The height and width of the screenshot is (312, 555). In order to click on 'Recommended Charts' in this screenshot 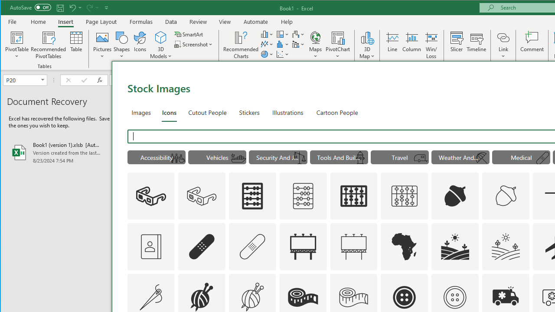, I will do `click(241, 45)`.